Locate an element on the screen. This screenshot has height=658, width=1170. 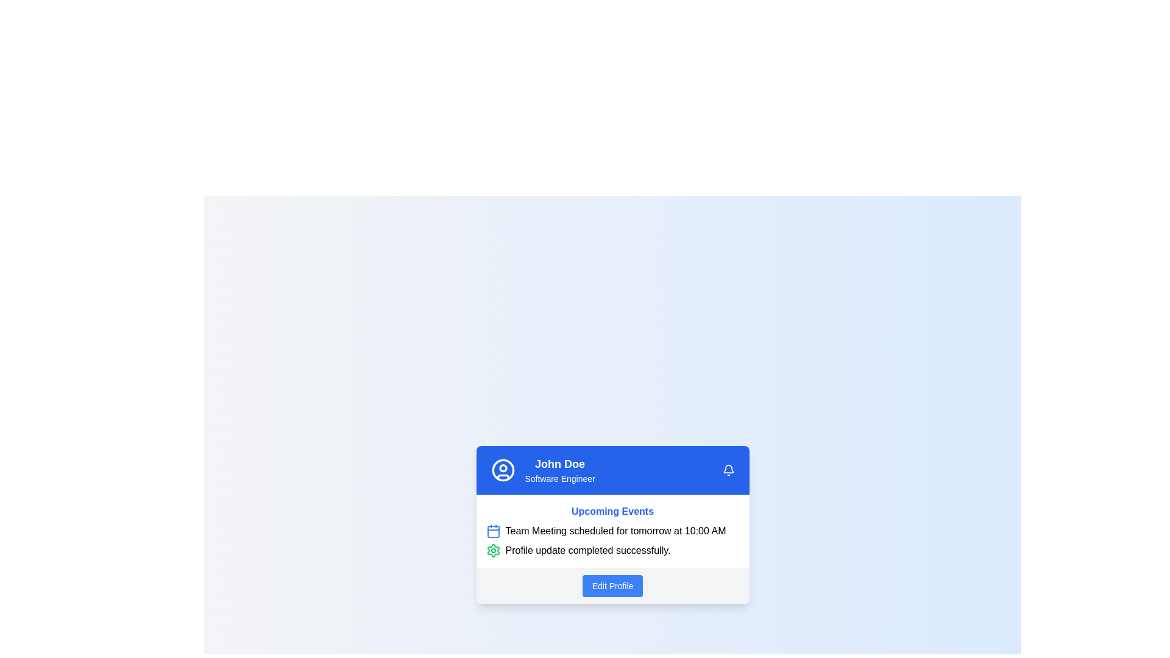
the Static Text that indicates a successful profile update, located in the 'Upcoming Events' section of the user profile card, next to a green settings icon is located at coordinates (587, 550).